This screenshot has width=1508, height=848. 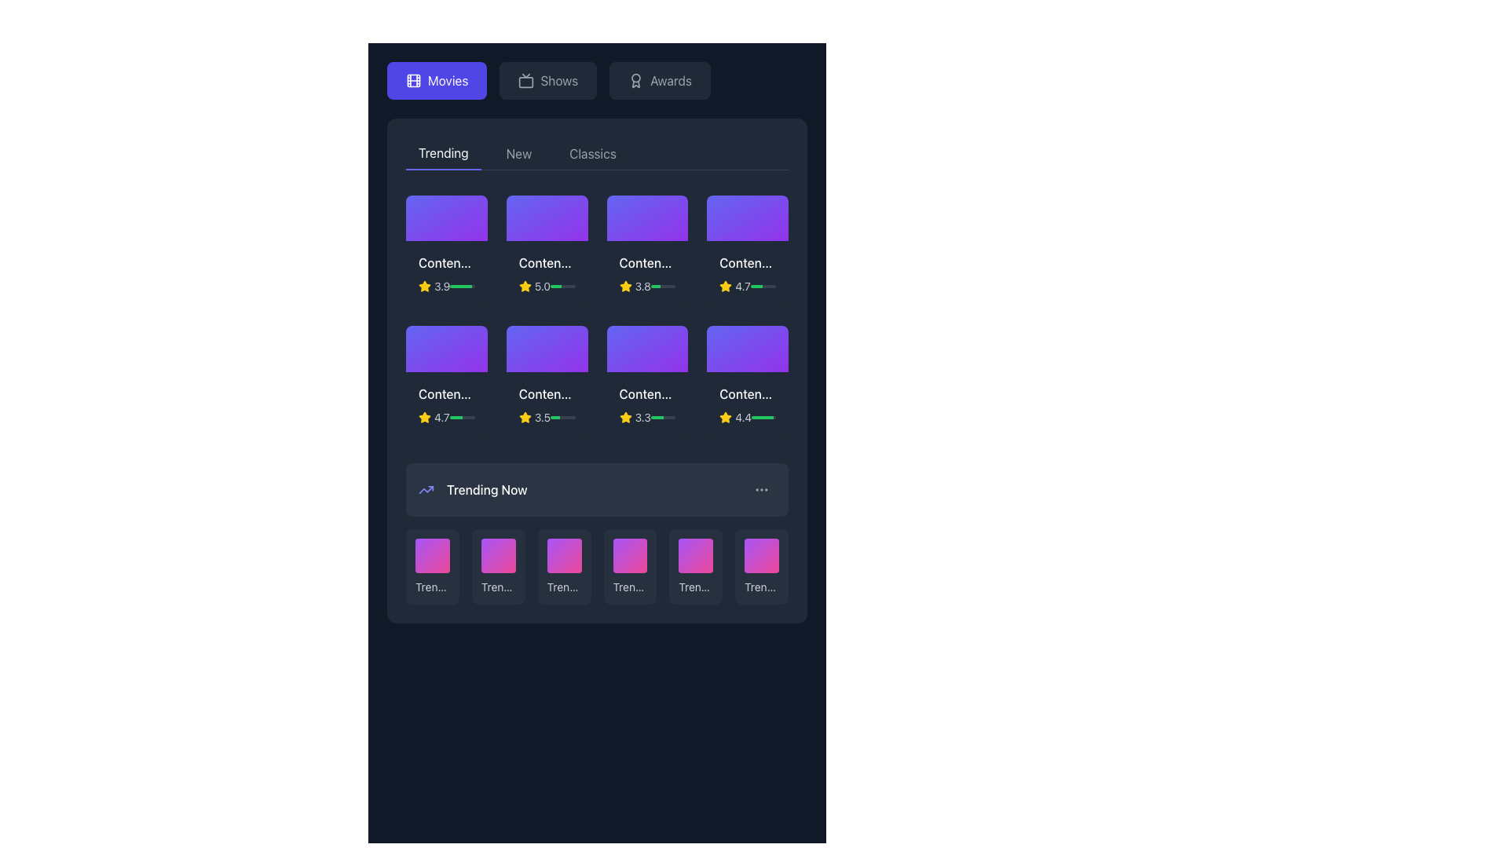 What do you see at coordinates (742, 416) in the screenshot?
I see `the static text label displaying '4.4' in small gray font, located to the immediate right of a yellow star icon in the last card of the bottommost row in the 'Trending' section` at bounding box center [742, 416].